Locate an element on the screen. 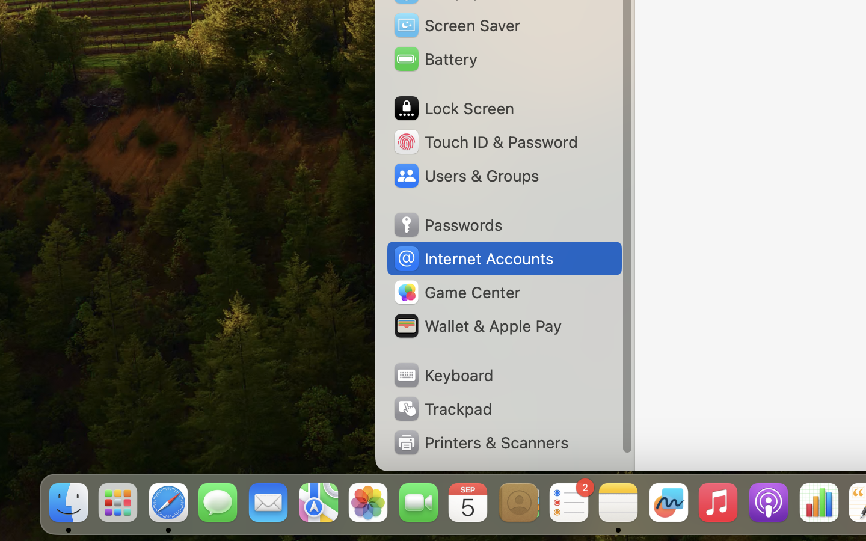  'Battery' is located at coordinates (434, 58).